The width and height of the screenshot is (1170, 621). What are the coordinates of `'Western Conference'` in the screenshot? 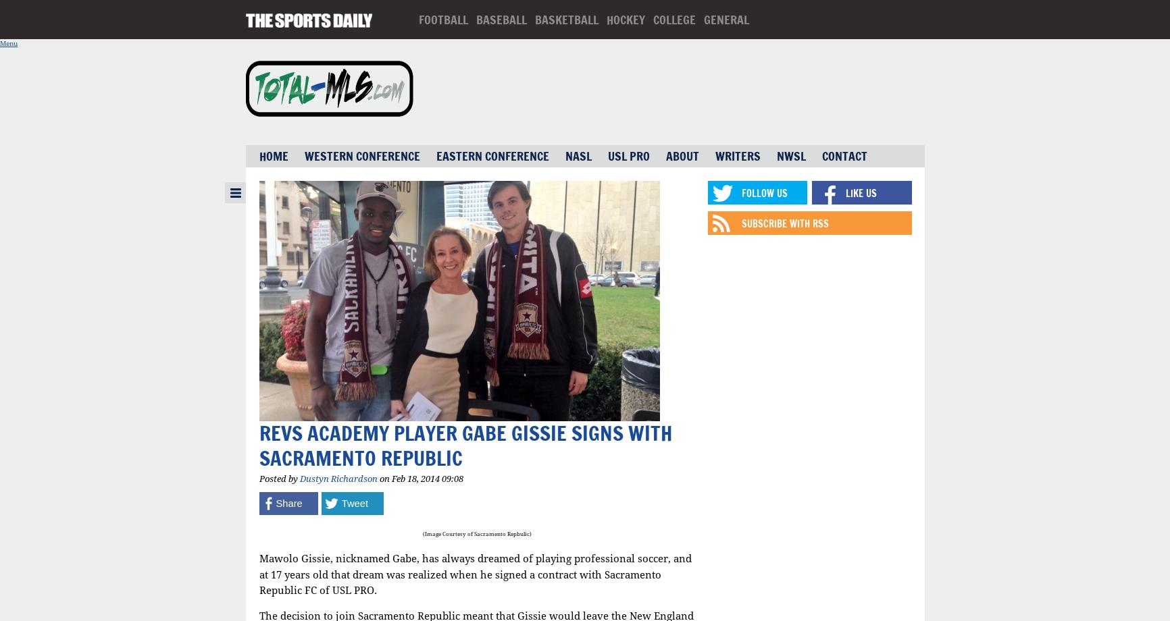 It's located at (361, 156).